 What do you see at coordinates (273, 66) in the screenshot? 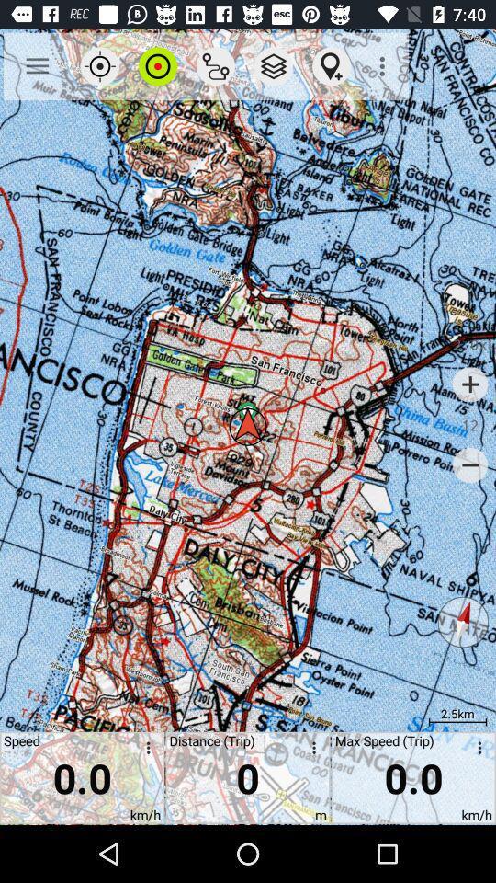
I see `app above the distance (trip) icon` at bounding box center [273, 66].